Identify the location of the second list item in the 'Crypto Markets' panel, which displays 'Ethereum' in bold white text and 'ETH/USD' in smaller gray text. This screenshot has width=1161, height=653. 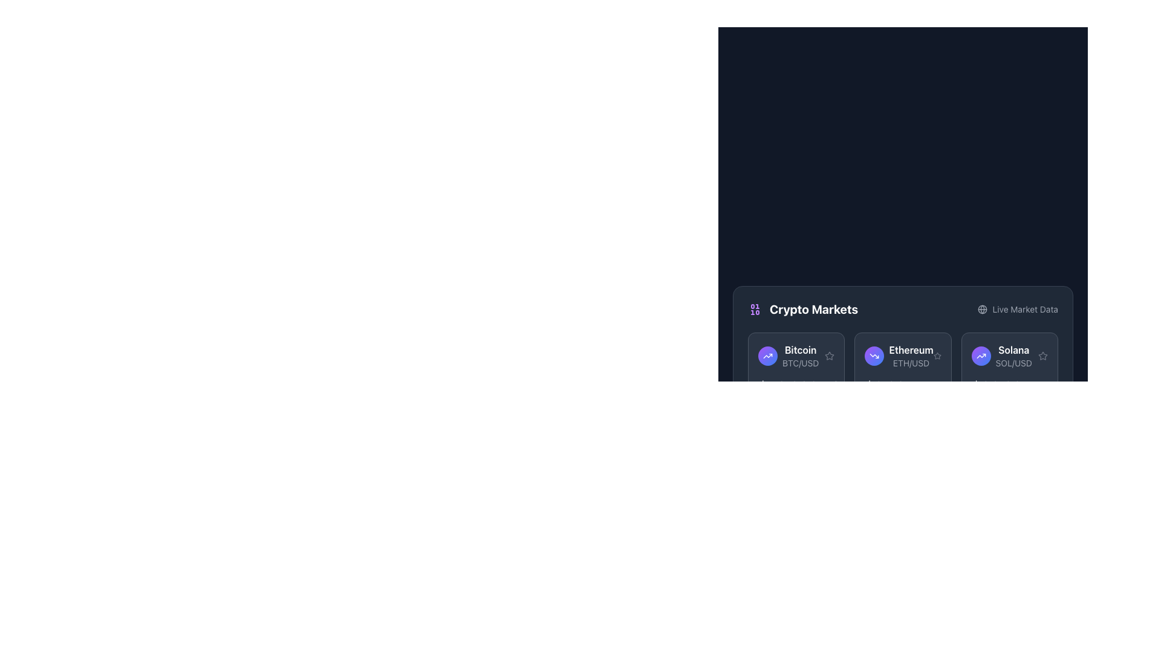
(899, 356).